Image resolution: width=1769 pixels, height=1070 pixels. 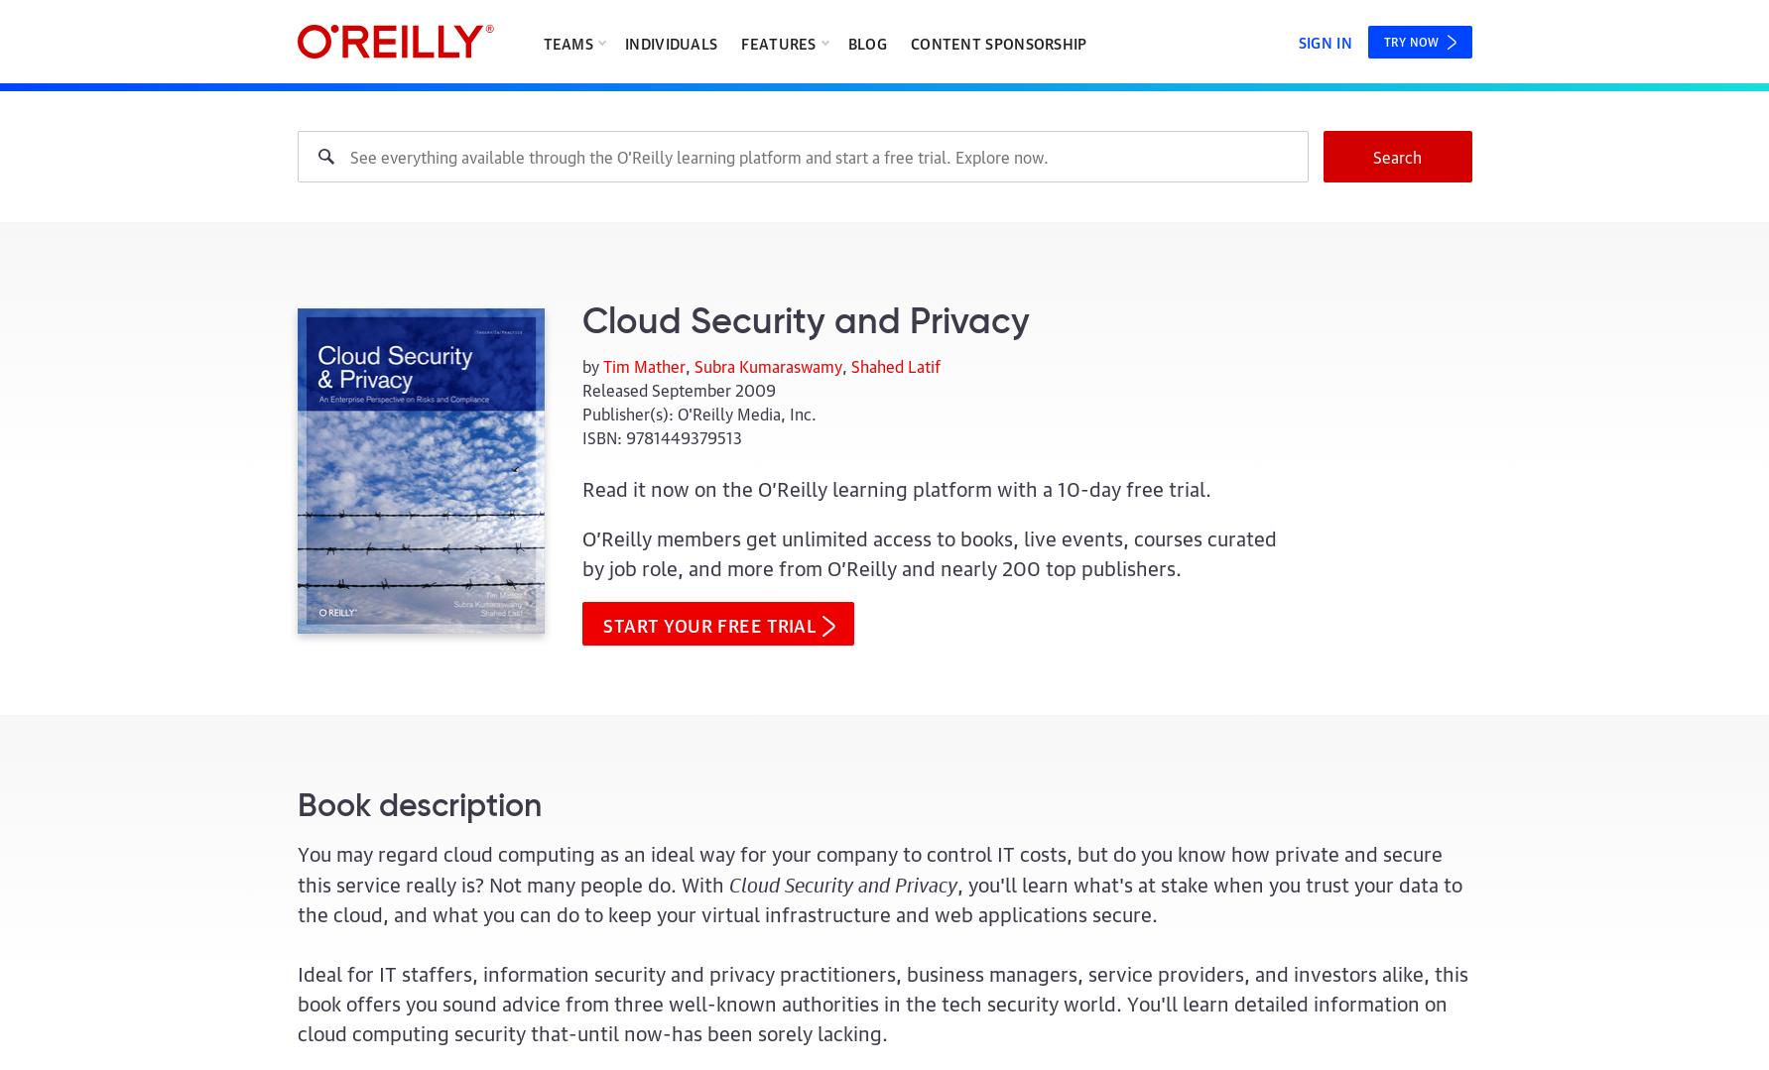 I want to click on 'Ideal for IT staffers, information security and privacy practitioners, business managers, service providers, and investors alike, this book offers you sound advice from three well-known authorities in the tech security world. You'll learn detailed information on cloud computing security that-until now-has been sorely lacking.', so click(x=882, y=1002).